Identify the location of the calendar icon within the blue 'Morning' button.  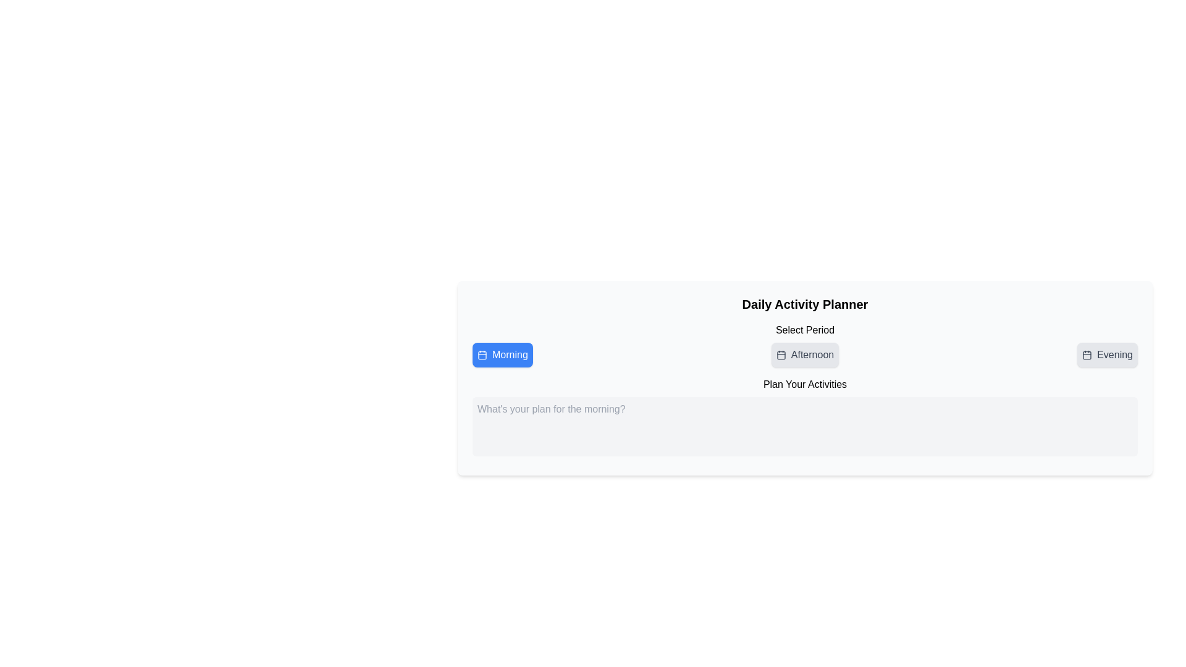
(482, 354).